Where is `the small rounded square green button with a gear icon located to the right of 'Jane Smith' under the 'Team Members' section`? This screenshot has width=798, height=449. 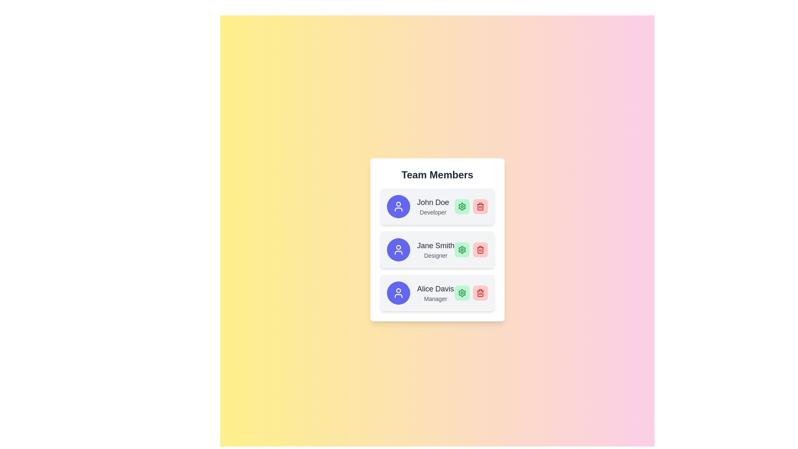
the small rounded square green button with a gear icon located to the right of 'Jane Smith' under the 'Team Members' section is located at coordinates (461, 249).